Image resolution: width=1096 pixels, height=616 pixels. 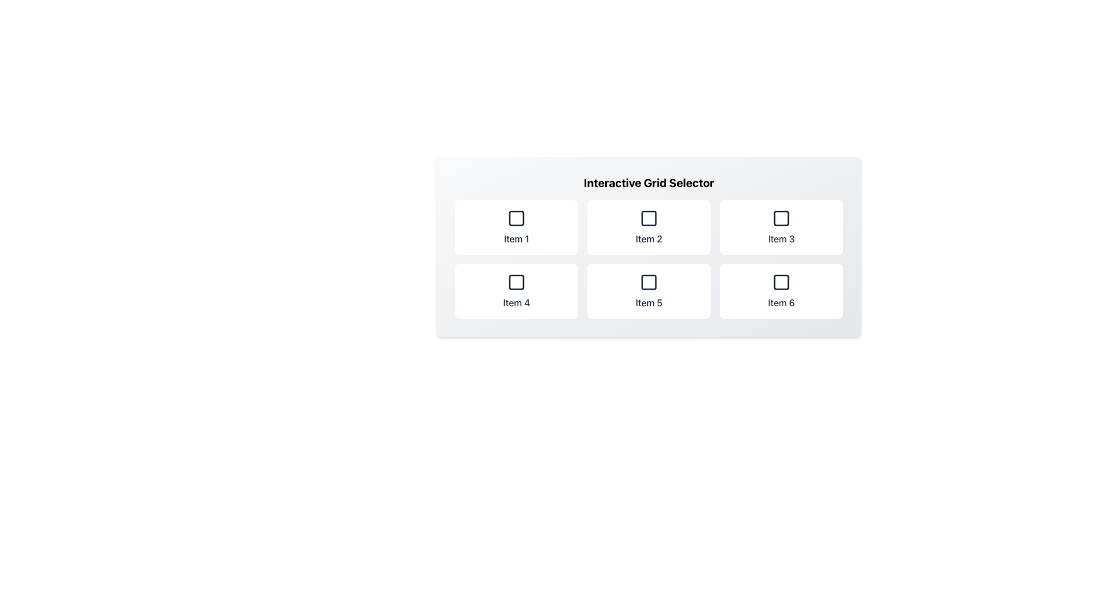 I want to click on the second card in the grid layout representing 'Item 2', so click(x=649, y=246).